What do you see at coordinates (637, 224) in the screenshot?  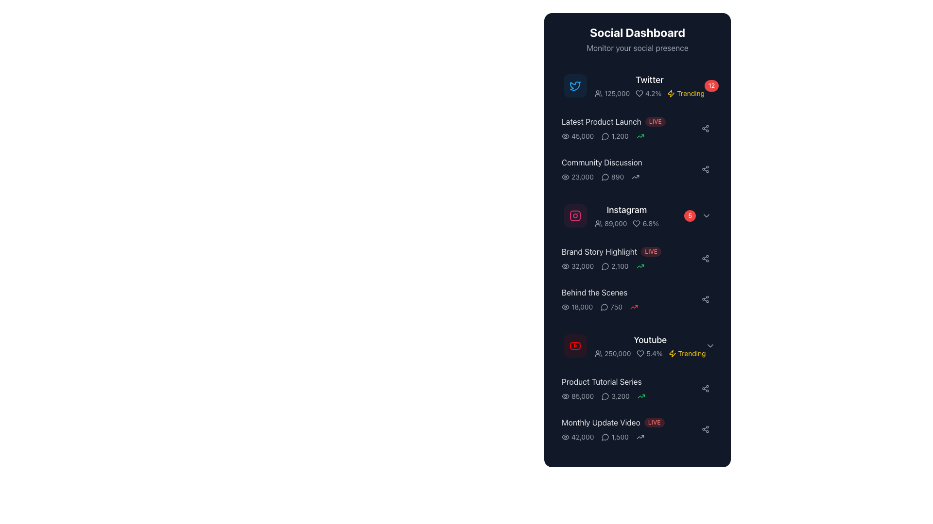 I see `the heart icon located to the left of the text '6.8%' in the Instagram row of the 'Social Dashboard' panel` at bounding box center [637, 224].